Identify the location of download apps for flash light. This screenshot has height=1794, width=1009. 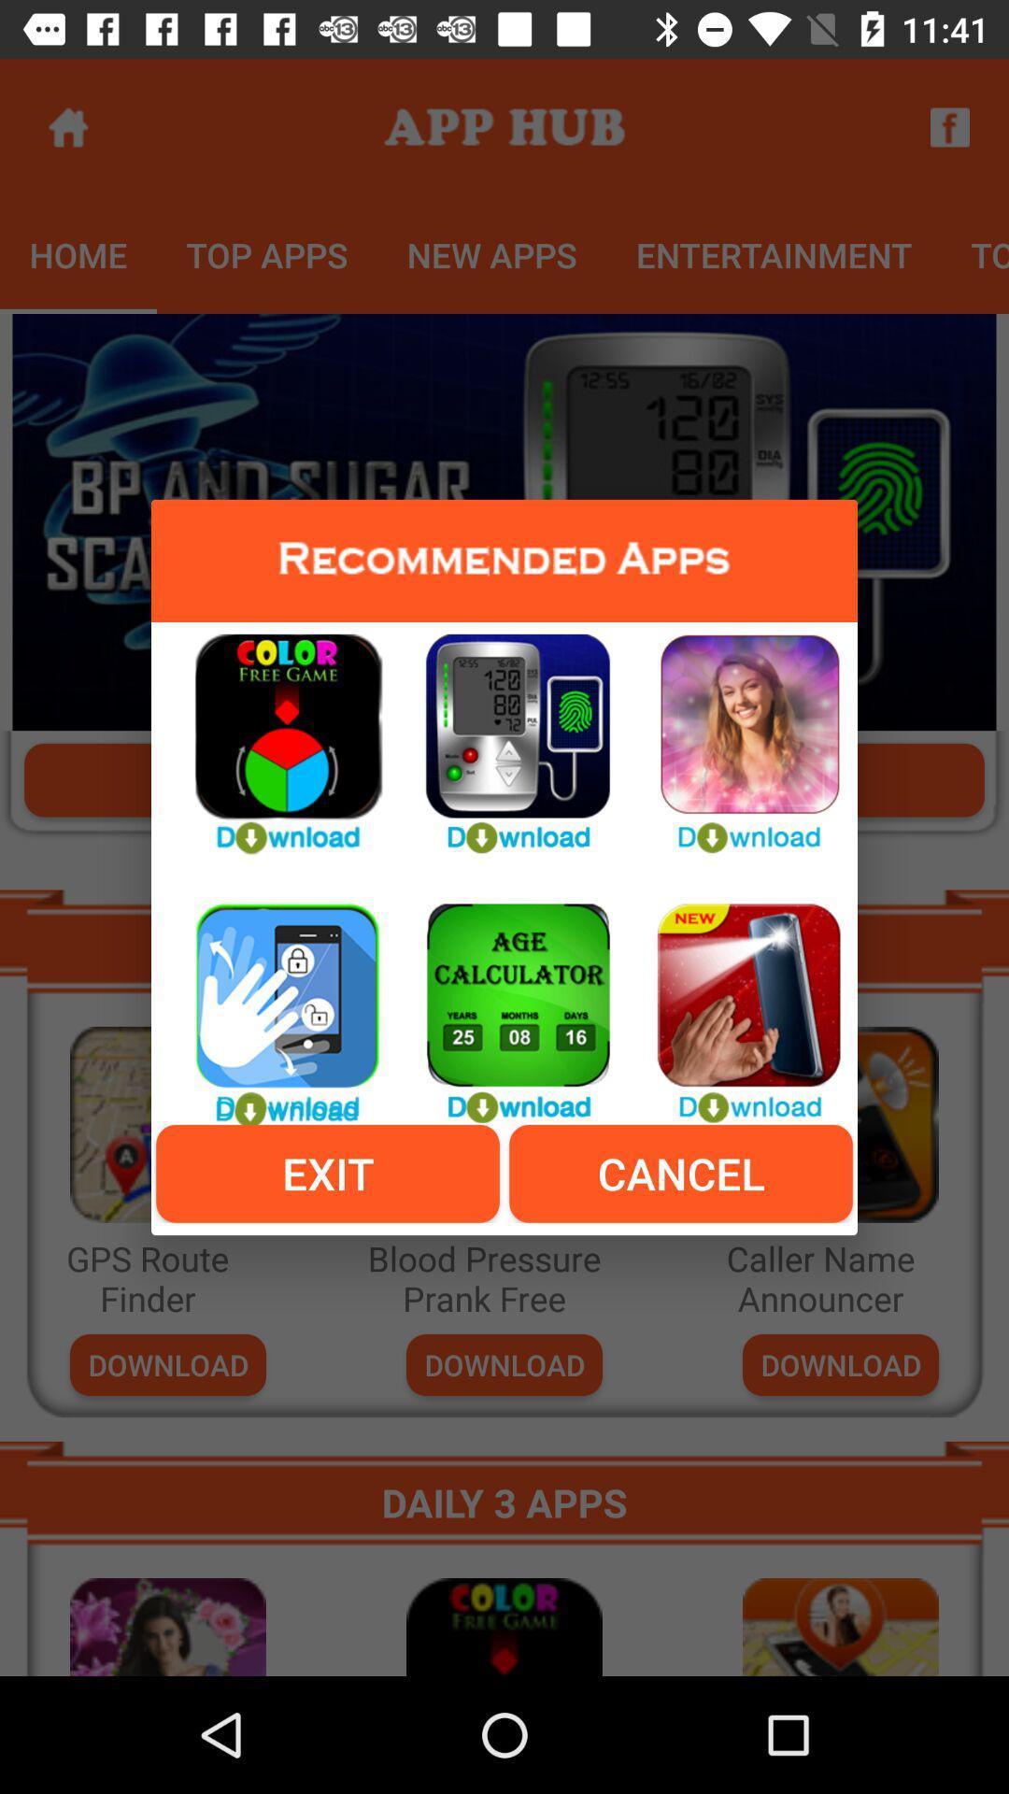
(733, 1002).